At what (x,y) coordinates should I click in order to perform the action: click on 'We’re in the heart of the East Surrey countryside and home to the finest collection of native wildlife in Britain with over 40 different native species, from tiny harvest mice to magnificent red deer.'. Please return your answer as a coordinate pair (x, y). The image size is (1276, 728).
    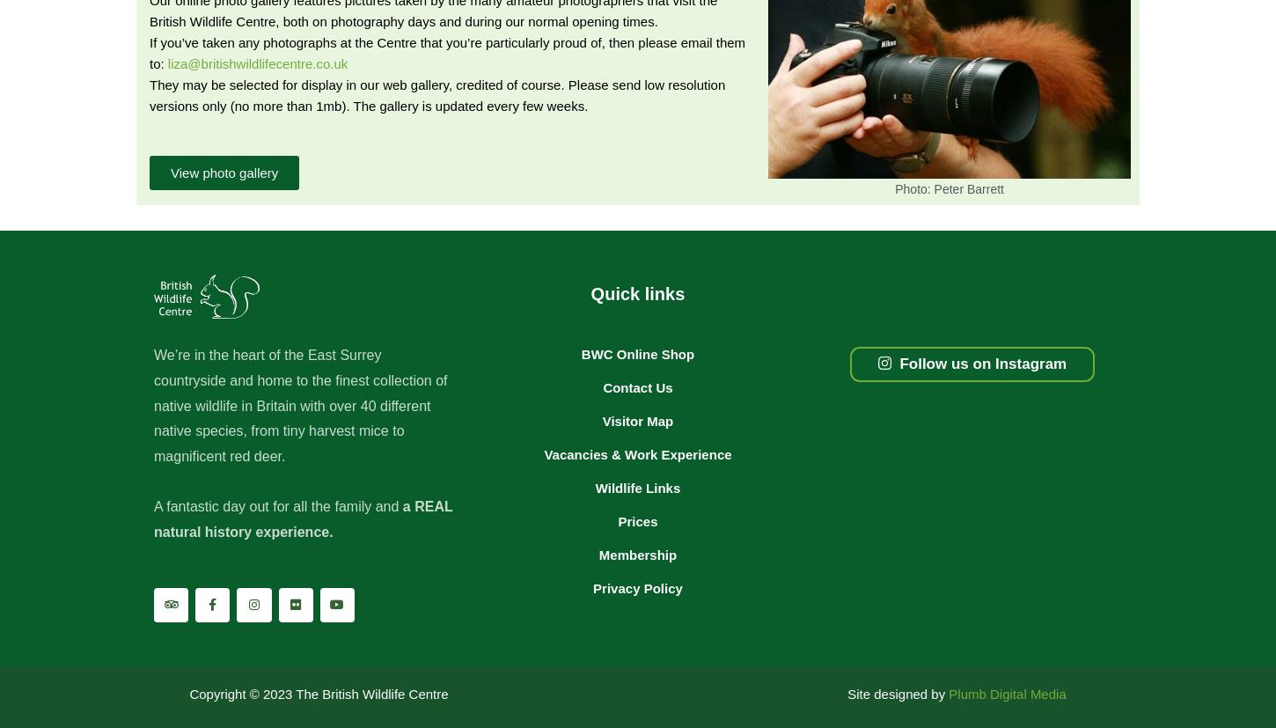
    Looking at the image, I should click on (300, 405).